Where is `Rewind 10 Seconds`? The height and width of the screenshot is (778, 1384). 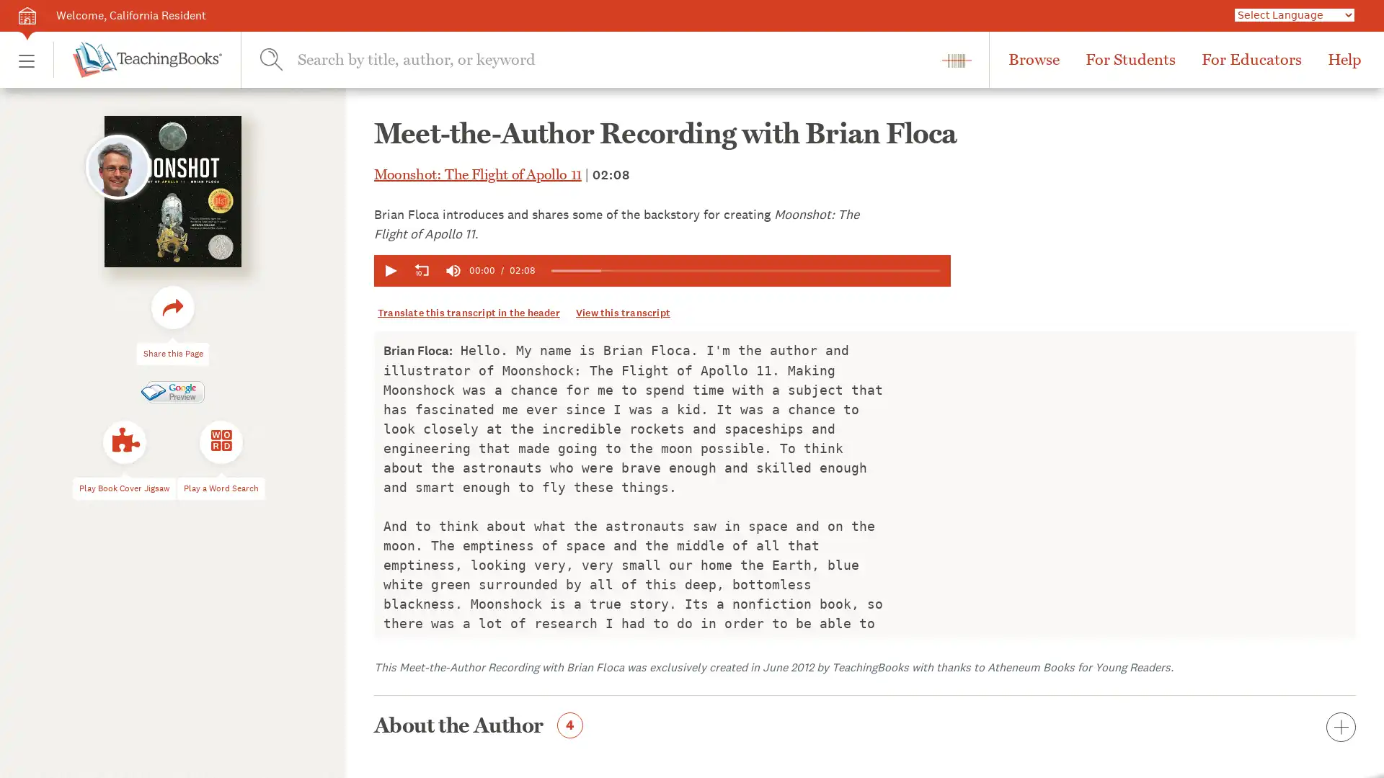 Rewind 10 Seconds is located at coordinates (421, 270).